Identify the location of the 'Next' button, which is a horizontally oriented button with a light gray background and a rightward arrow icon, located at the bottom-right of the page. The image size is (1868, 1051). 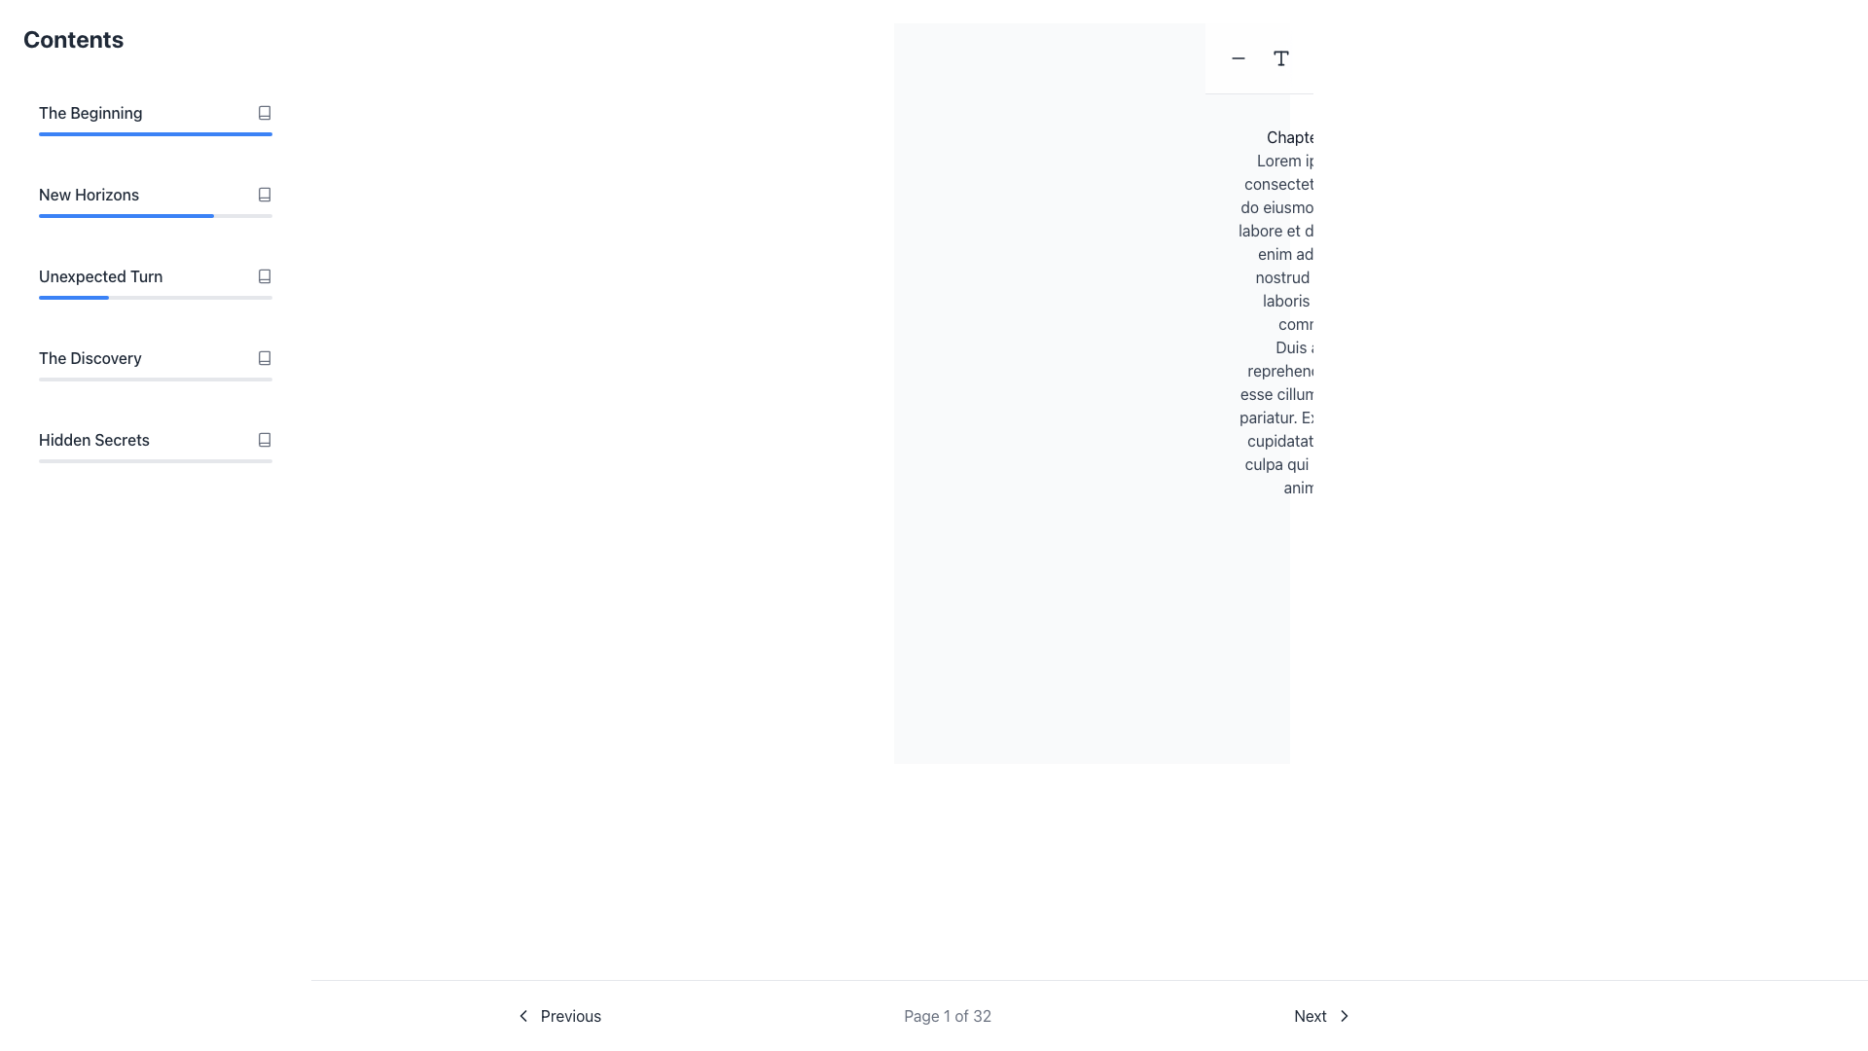
(1323, 1015).